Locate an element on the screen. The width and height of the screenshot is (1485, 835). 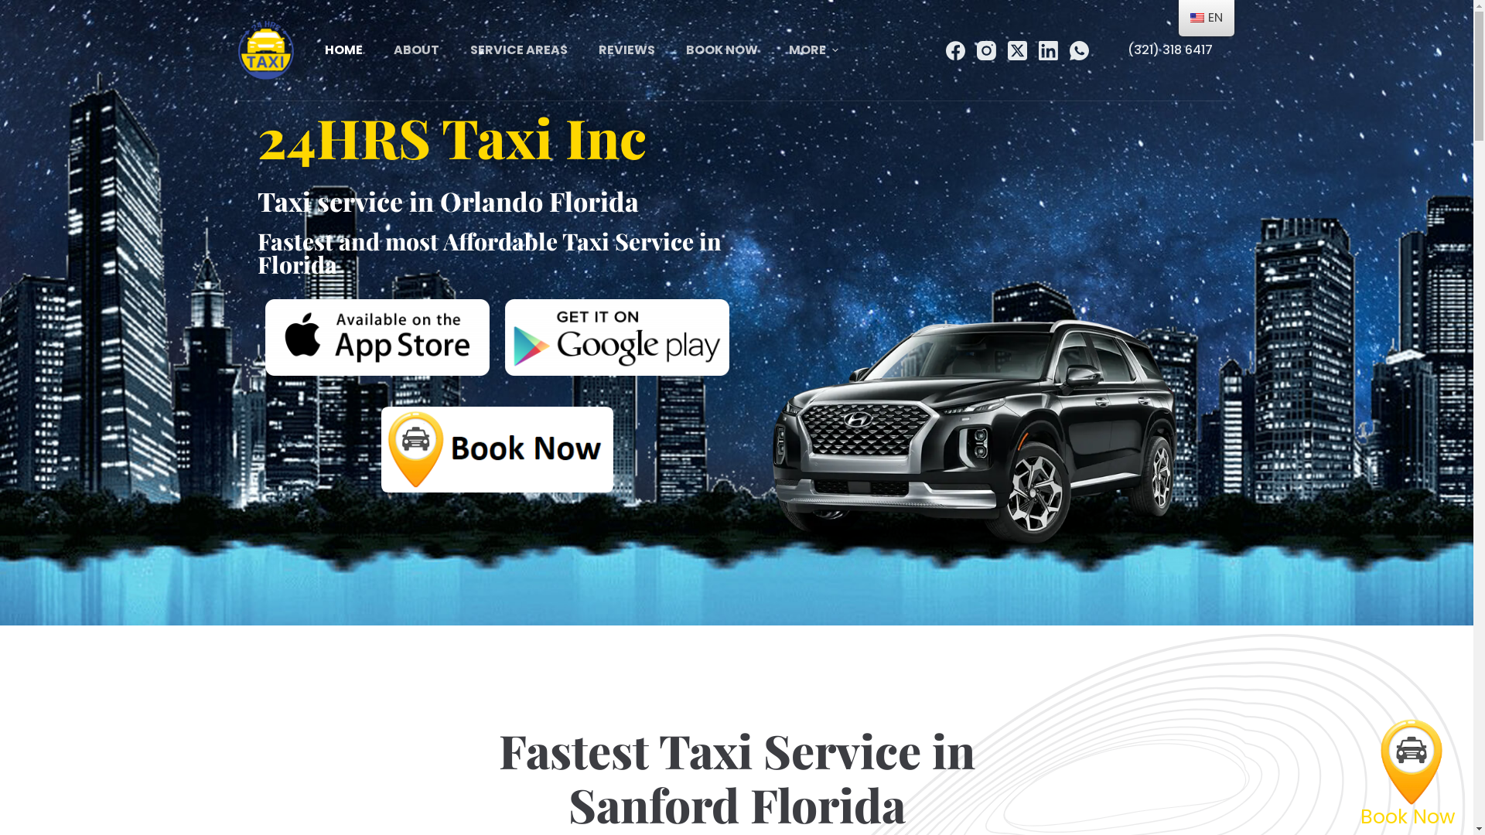
'BOOK NOW' is located at coordinates (671, 49).